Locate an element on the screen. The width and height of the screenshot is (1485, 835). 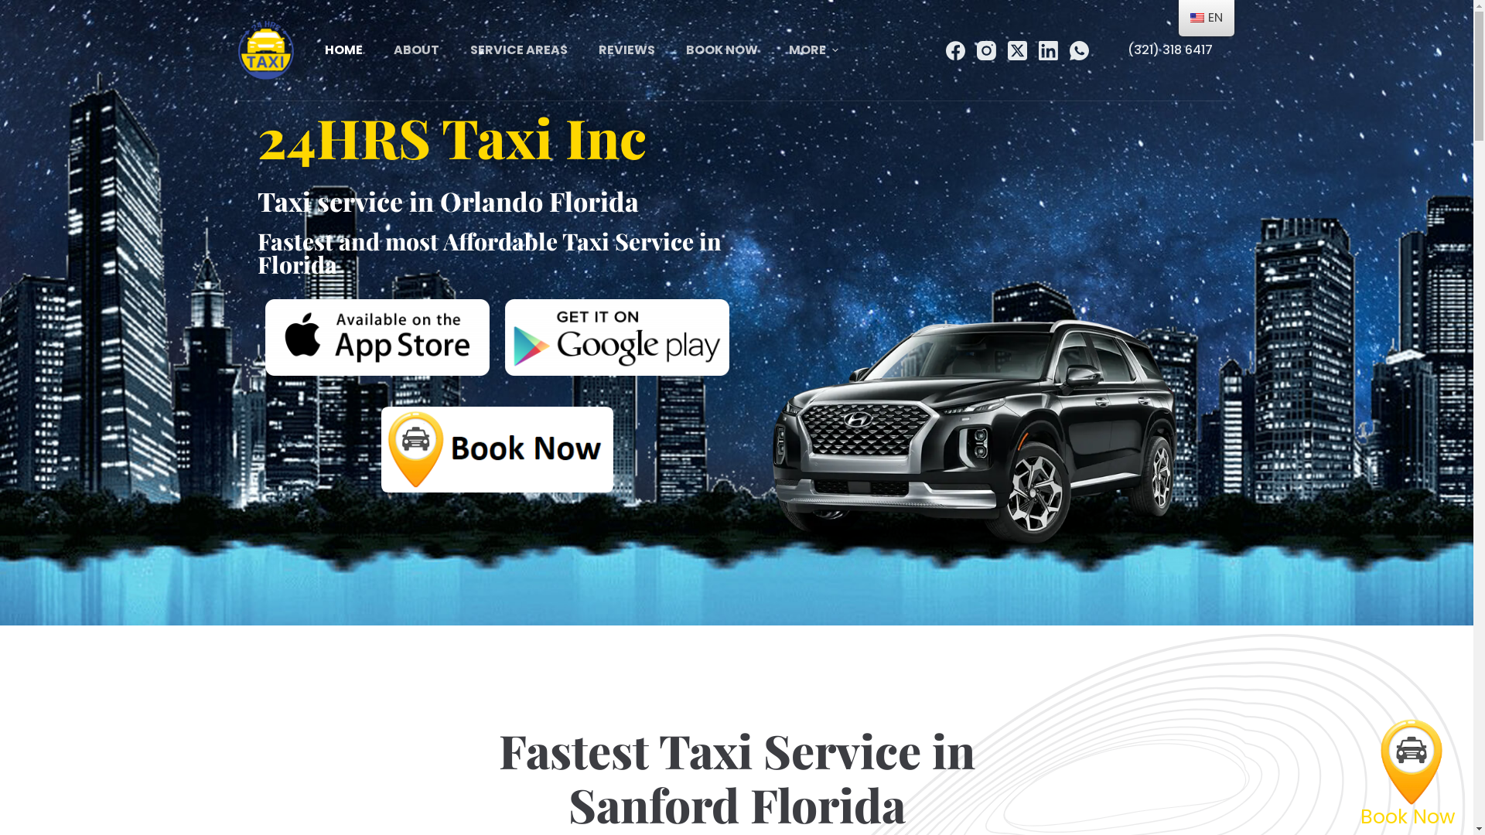
'BOOK NOW' is located at coordinates (671, 49).